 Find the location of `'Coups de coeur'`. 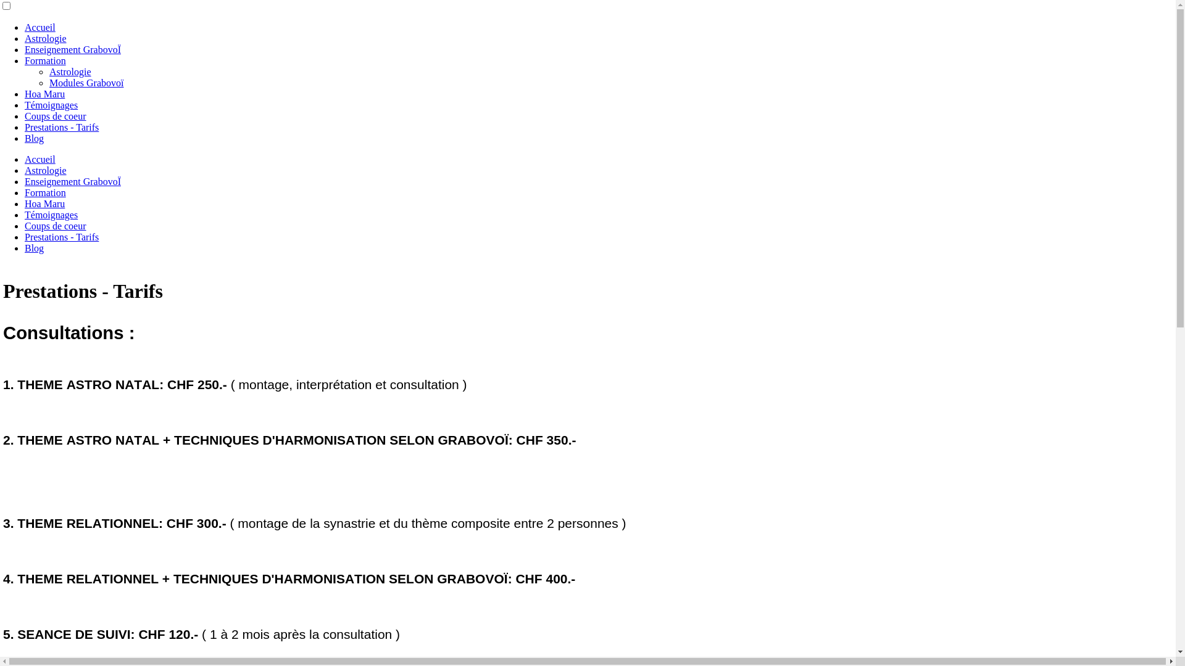

'Coups de coeur' is located at coordinates (24, 226).